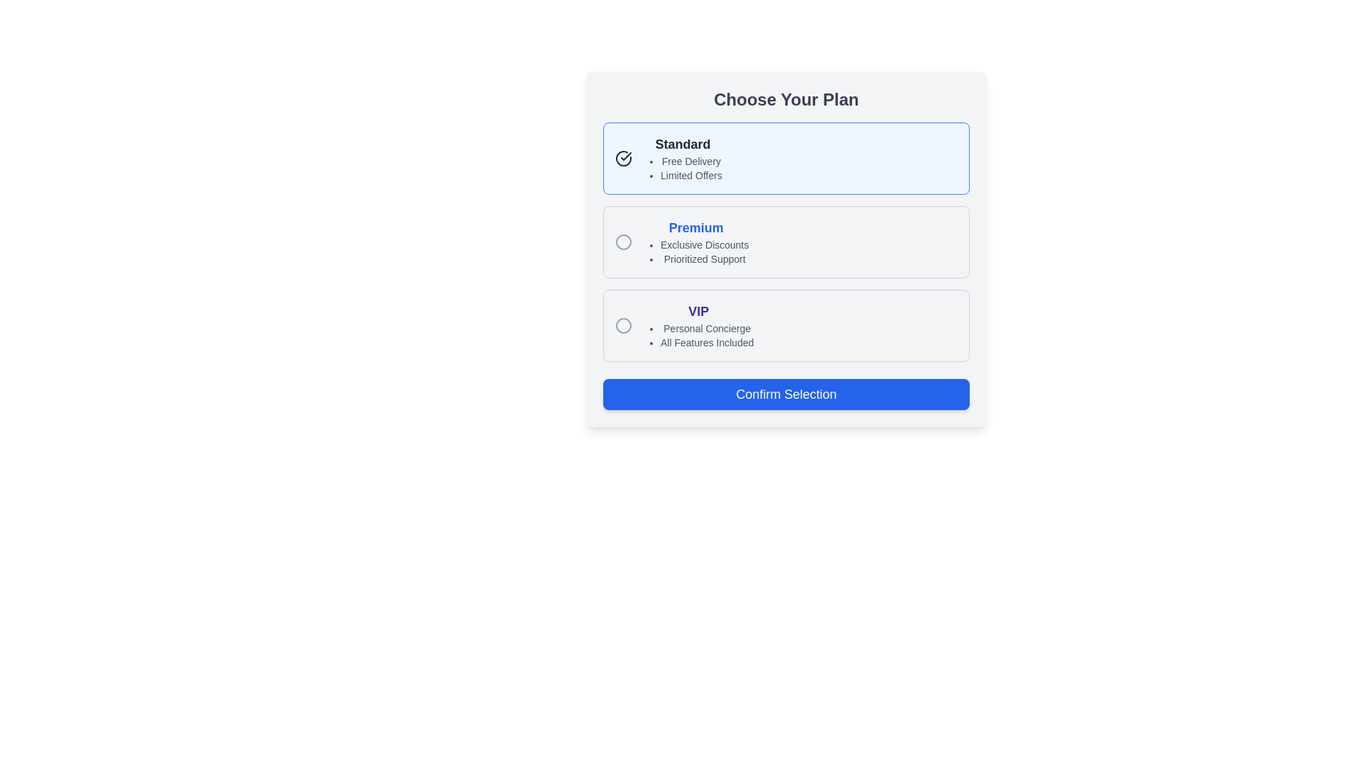 This screenshot has width=1361, height=765. What do you see at coordinates (705, 259) in the screenshot?
I see `the text label that describes 'Prioritized Support' under the 'Premium' subscription plan, located below 'Exclusive Discounts'` at bounding box center [705, 259].